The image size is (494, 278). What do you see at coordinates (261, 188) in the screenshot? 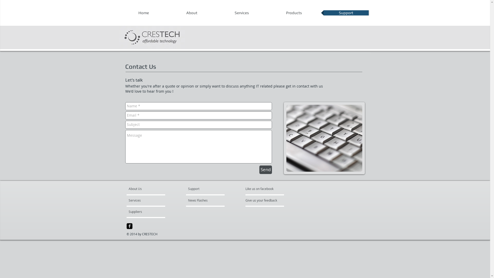
I see `'Like us on facebook'` at bounding box center [261, 188].